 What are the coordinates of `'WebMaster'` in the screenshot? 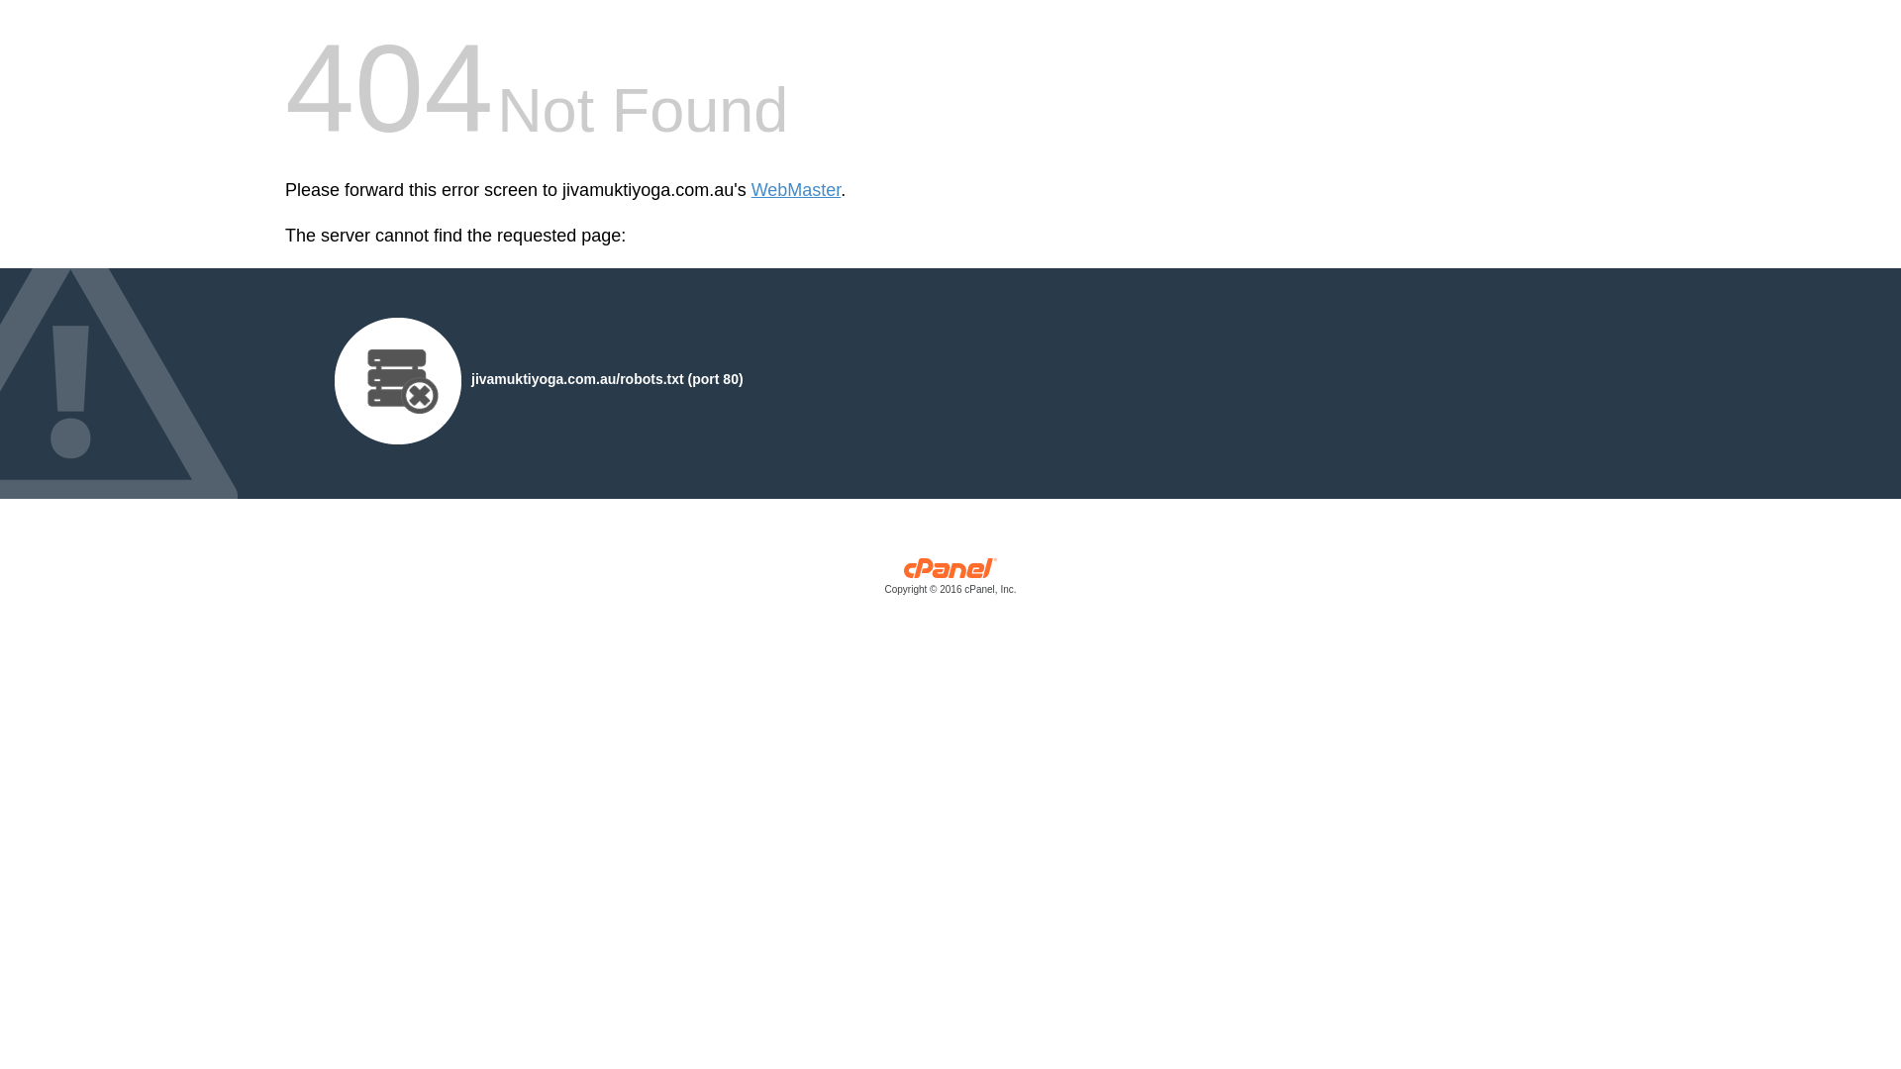 It's located at (796, 190).